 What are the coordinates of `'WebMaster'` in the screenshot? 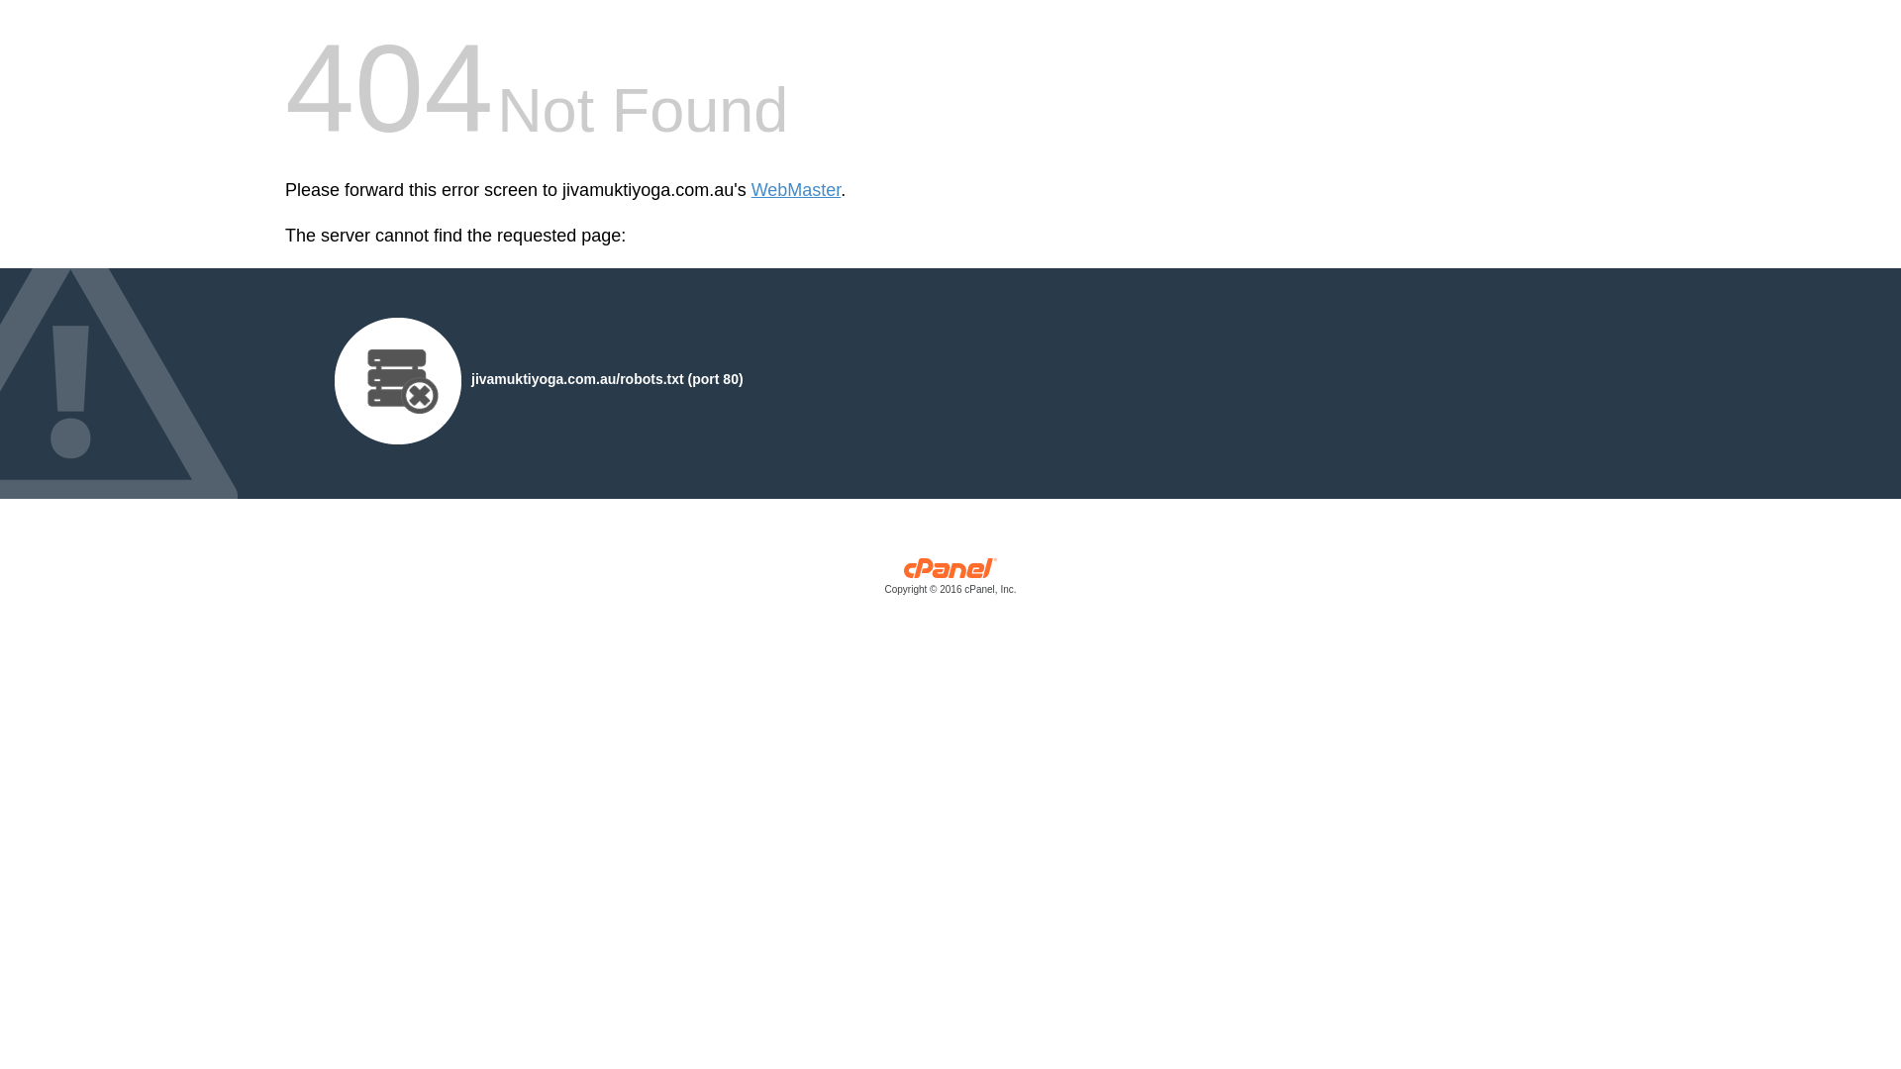 It's located at (796, 190).